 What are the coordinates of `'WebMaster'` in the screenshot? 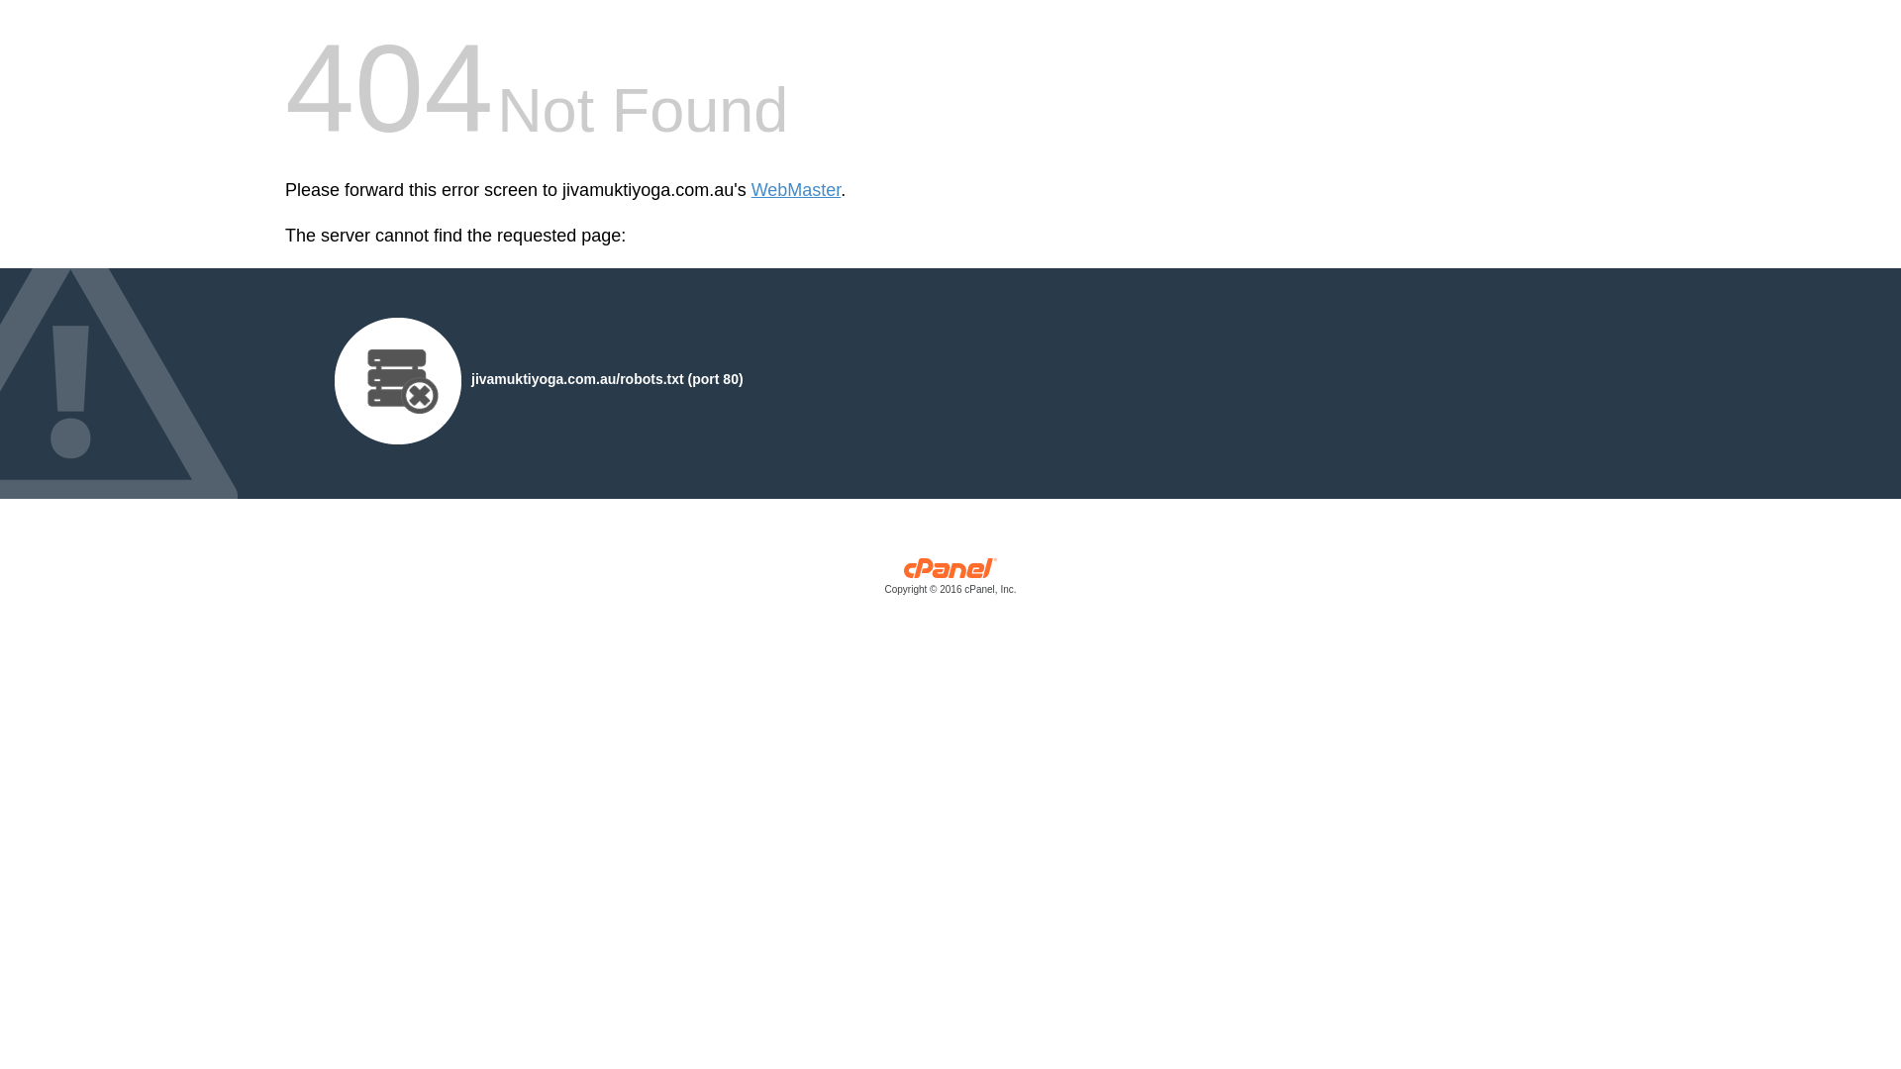 It's located at (796, 190).